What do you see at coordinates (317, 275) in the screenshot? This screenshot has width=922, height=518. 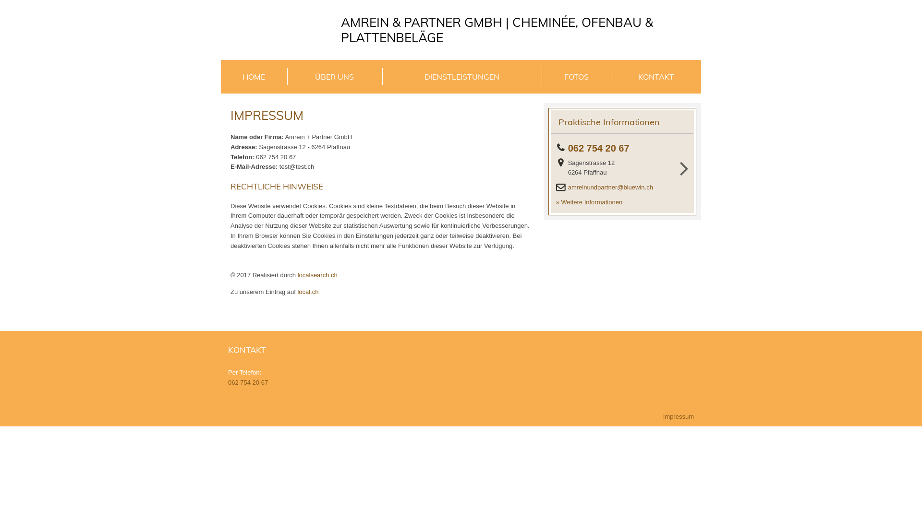 I see `'localsearch.ch'` at bounding box center [317, 275].